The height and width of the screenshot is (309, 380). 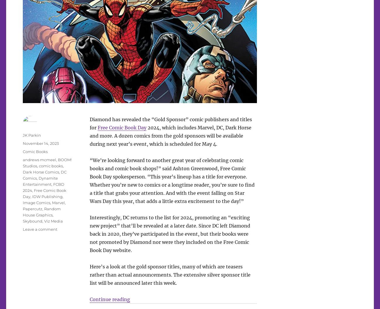 What do you see at coordinates (41, 172) in the screenshot?
I see `'Dark Horse Comics'` at bounding box center [41, 172].